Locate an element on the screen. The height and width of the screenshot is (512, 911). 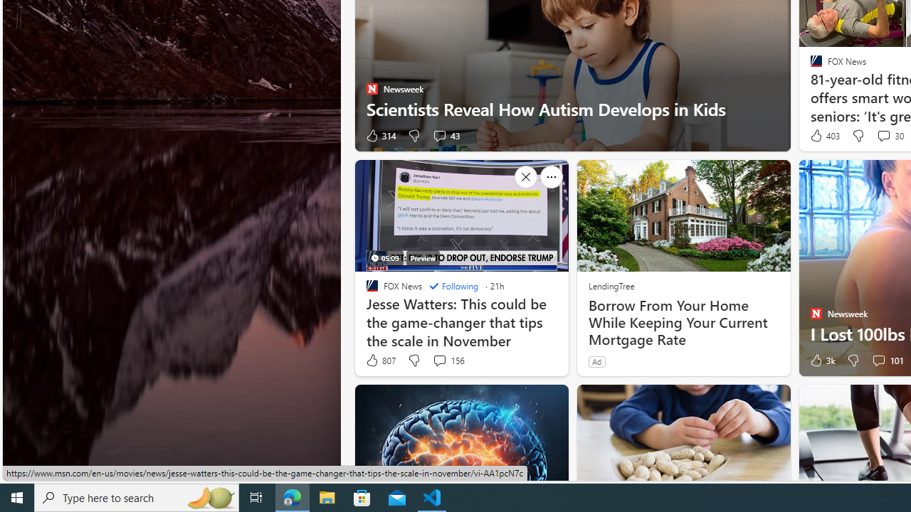
'View comments 43 Comment' is located at coordinates (438, 135).